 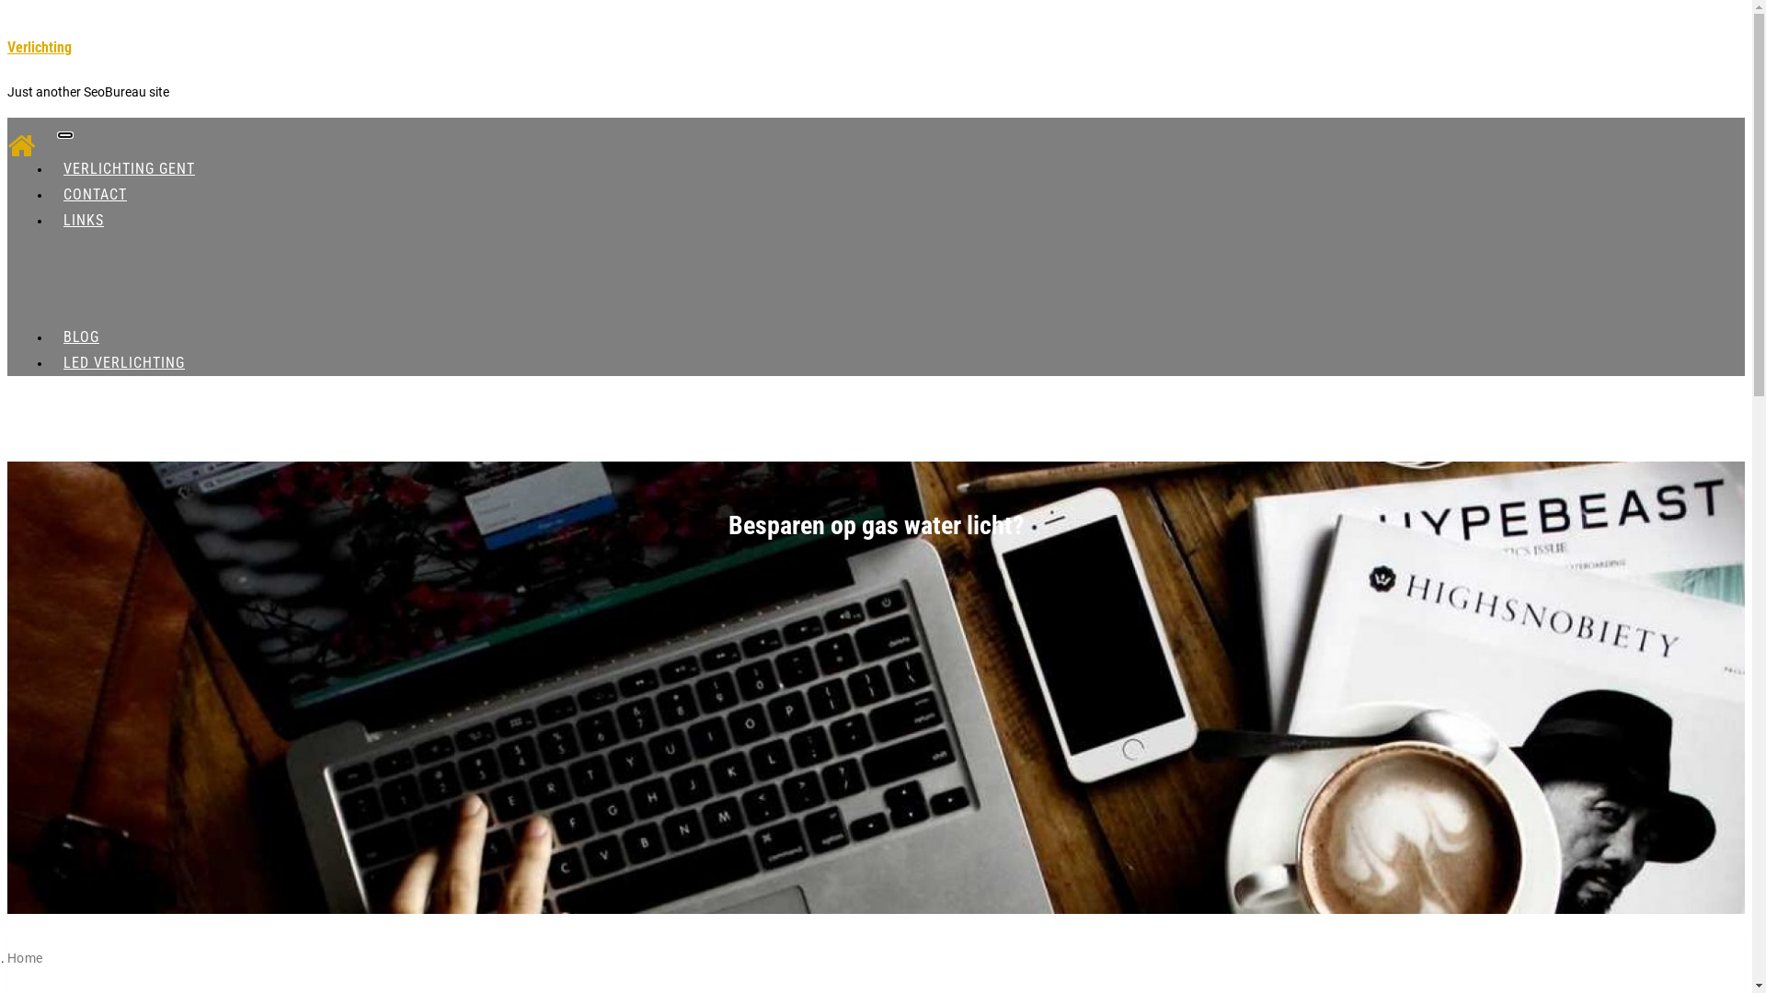 What do you see at coordinates (94, 194) in the screenshot?
I see `'CONTACT'` at bounding box center [94, 194].